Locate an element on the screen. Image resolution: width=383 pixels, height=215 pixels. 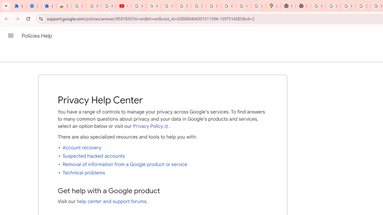
'New Tab' is located at coordinates (303, 6).